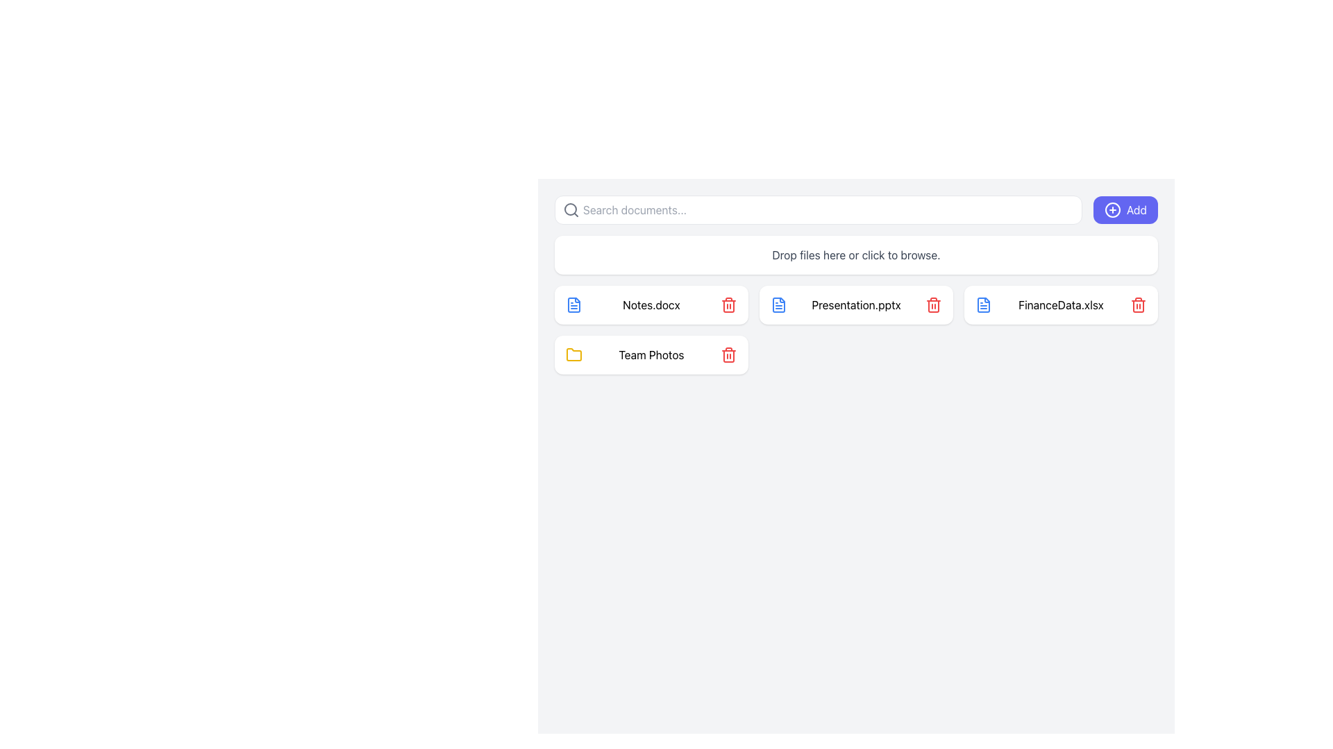 This screenshot has height=749, width=1333. I want to click on the blue circular icon with a white cross symbol located to the left of the 'Add' button, so click(1113, 210).